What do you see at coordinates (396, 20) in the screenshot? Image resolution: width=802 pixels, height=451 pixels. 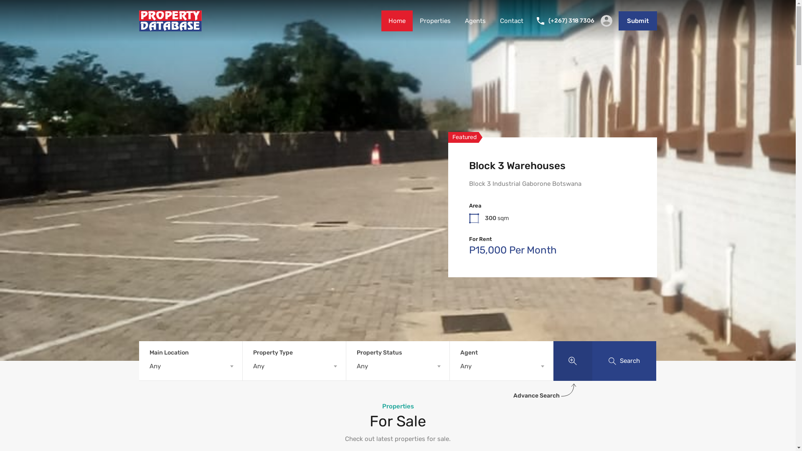 I see `'Home'` at bounding box center [396, 20].